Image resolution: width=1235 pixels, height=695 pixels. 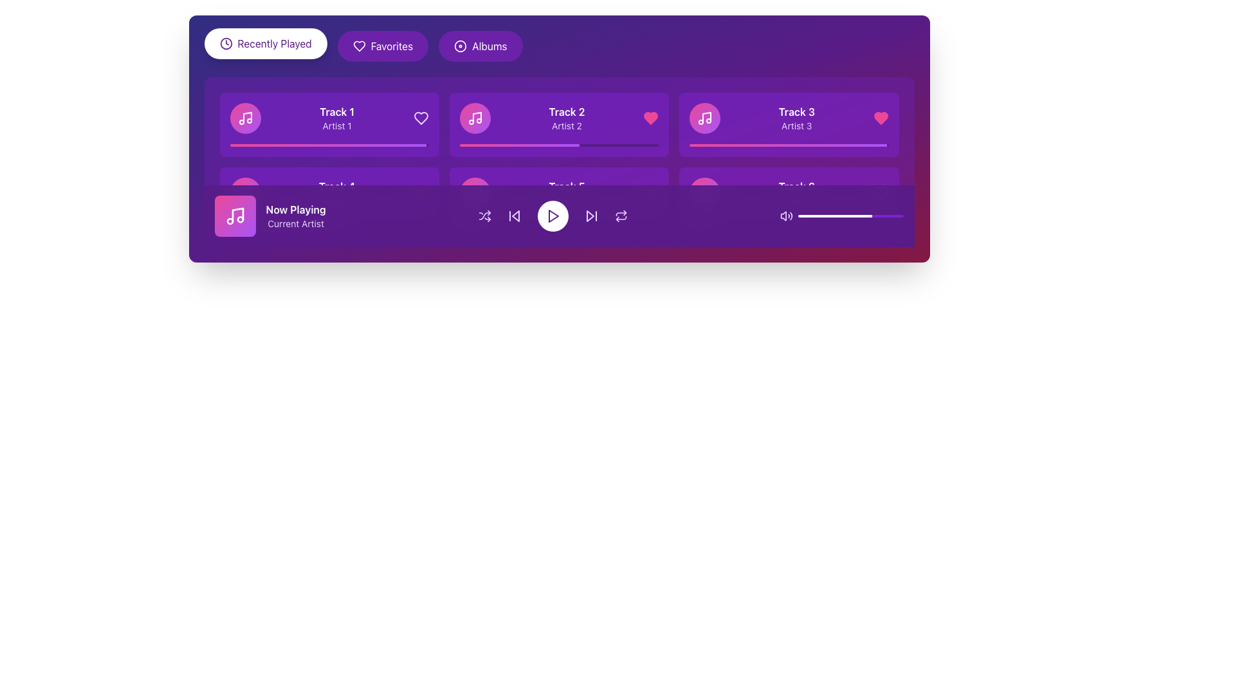 What do you see at coordinates (489, 46) in the screenshot?
I see `the 'Albums' text label located within the top navigation area, positioned between 'Favorites' and other navigation elements` at bounding box center [489, 46].